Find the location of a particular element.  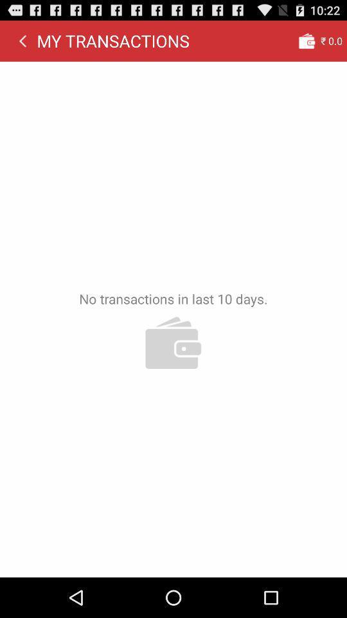

go back is located at coordinates (22, 41).